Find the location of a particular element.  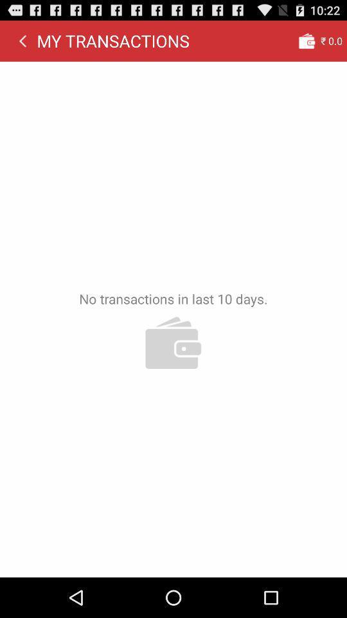

go back is located at coordinates (22, 41).